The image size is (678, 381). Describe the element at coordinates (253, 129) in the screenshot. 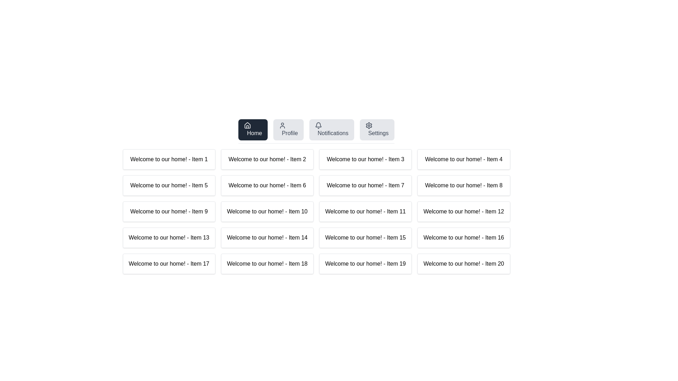

I see `the Home tab by clicking its button` at that location.